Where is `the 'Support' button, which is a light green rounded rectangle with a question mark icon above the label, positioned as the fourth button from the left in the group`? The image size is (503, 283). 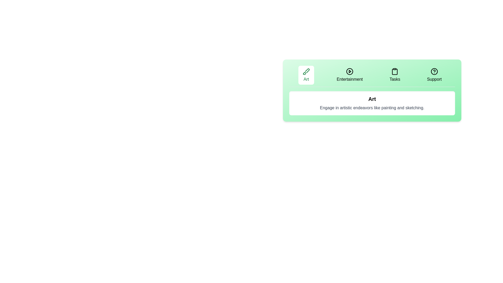
the 'Support' button, which is a light green rounded rectangle with a question mark icon above the label, positioned as the fourth button from the left in the group is located at coordinates (434, 75).